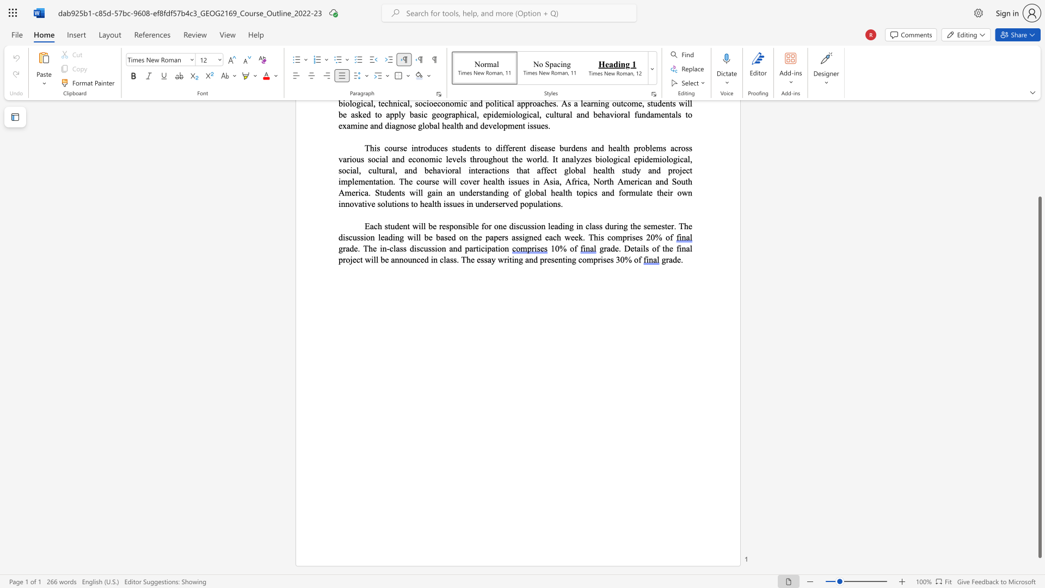  I want to click on the scrollbar on the side, so click(1039, 163).